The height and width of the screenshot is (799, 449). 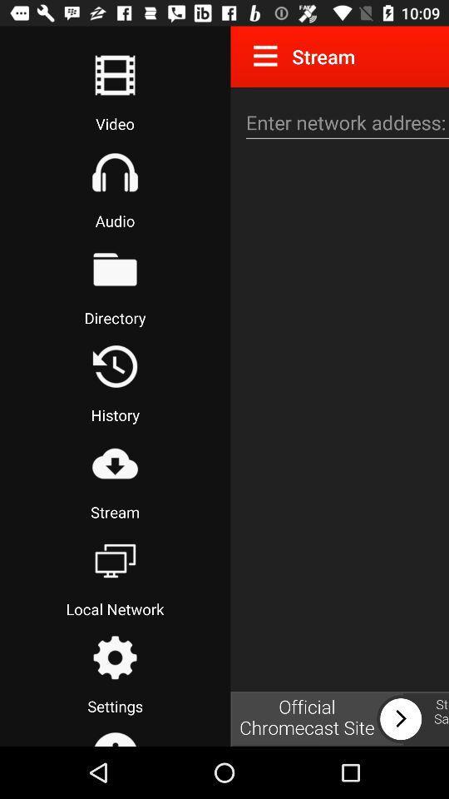 What do you see at coordinates (344, 122) in the screenshot?
I see `digite o email` at bounding box center [344, 122].